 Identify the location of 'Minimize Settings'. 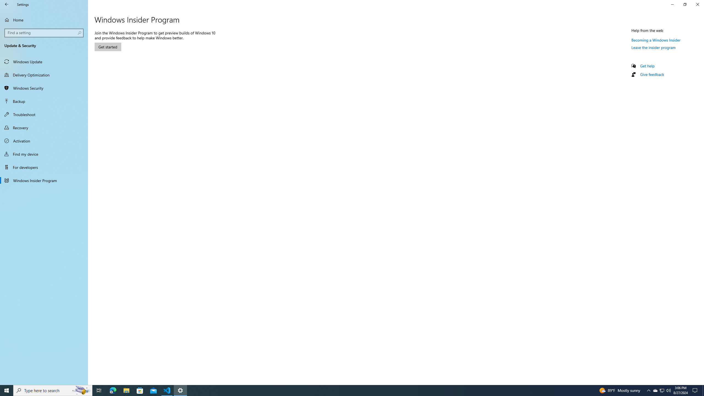
(672, 4).